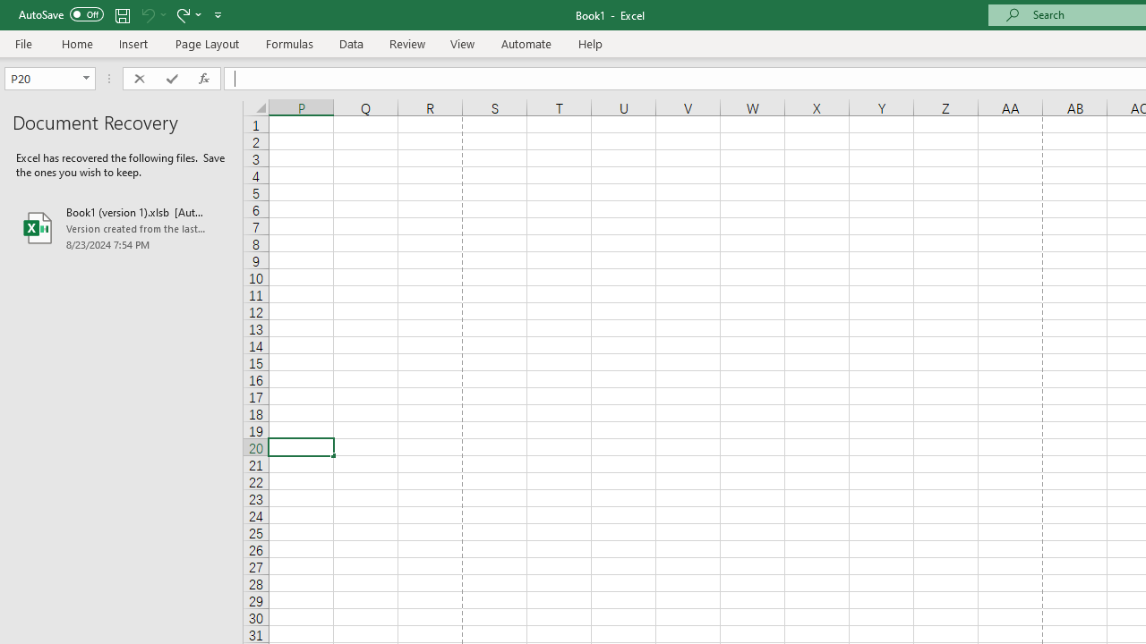 Image resolution: width=1146 pixels, height=644 pixels. What do you see at coordinates (406, 43) in the screenshot?
I see `'Review'` at bounding box center [406, 43].